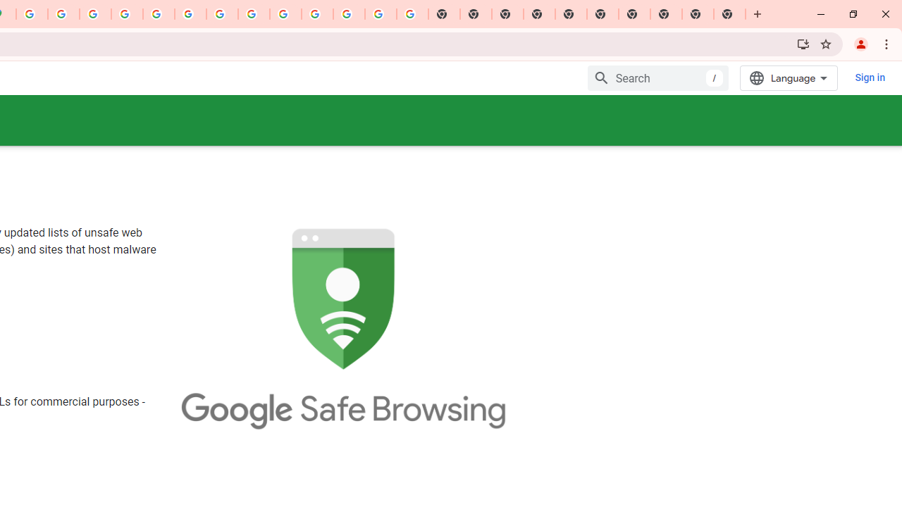 This screenshot has height=507, width=902. What do you see at coordinates (221, 14) in the screenshot?
I see `'YouTube'` at bounding box center [221, 14].